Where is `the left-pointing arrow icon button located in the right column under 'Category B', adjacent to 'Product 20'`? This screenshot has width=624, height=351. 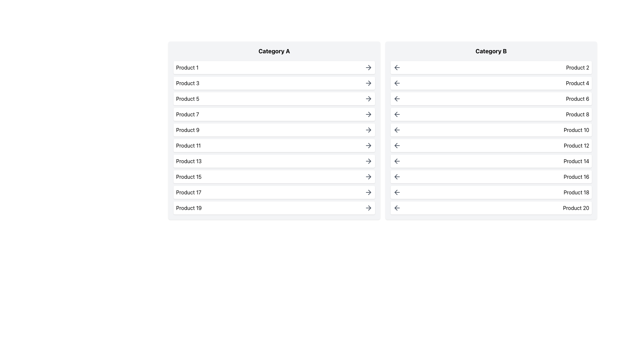
the left-pointing arrow icon button located in the right column under 'Category B', adjacent to 'Product 20' is located at coordinates (396, 208).